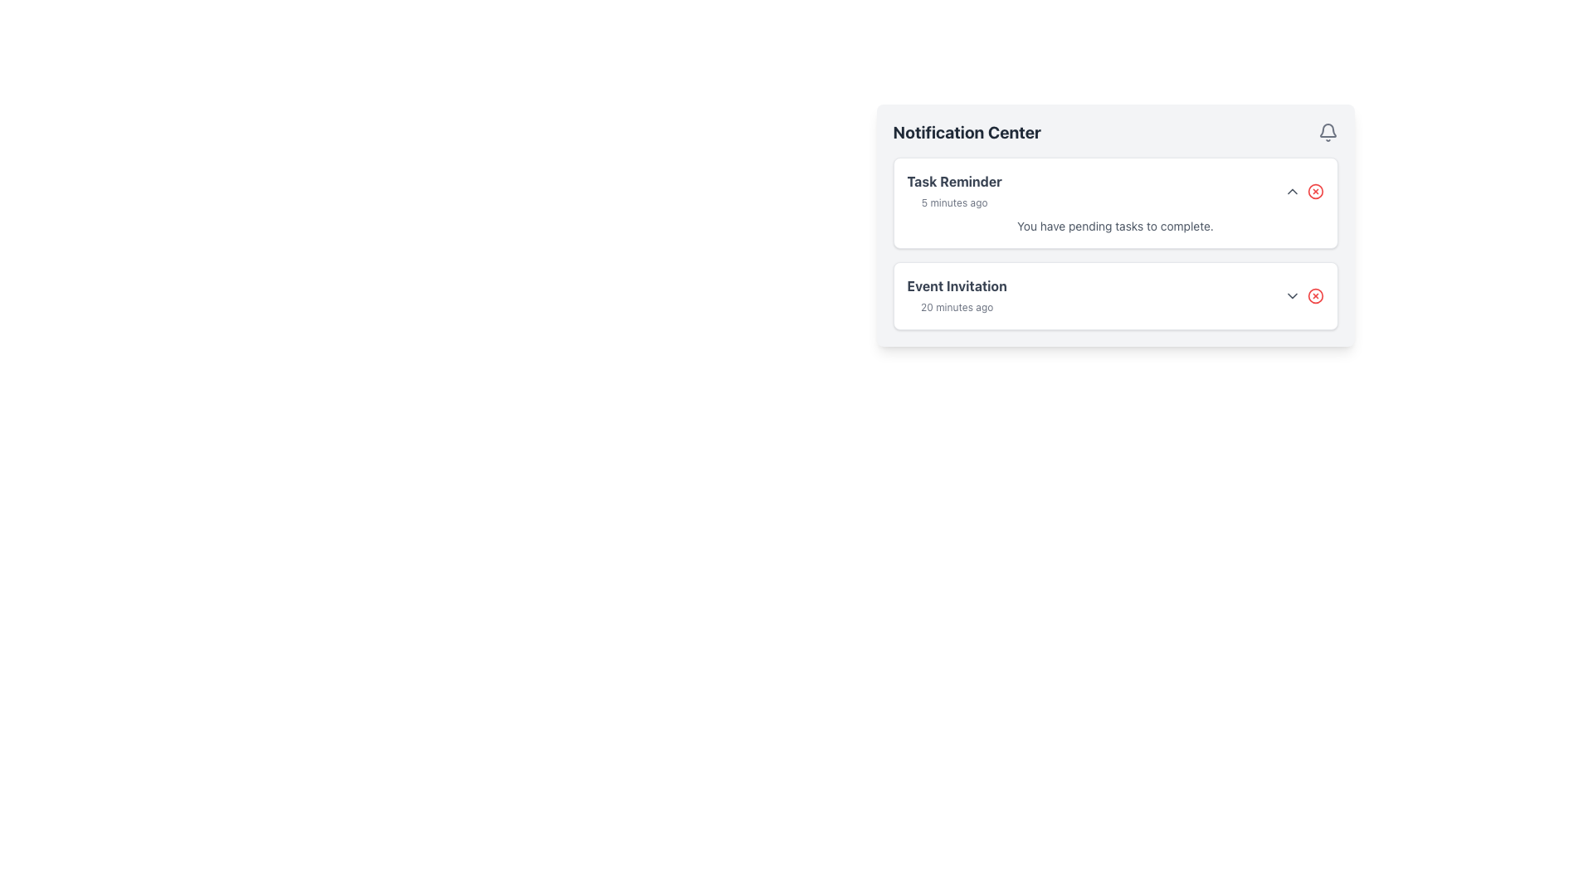  Describe the element at coordinates (957, 285) in the screenshot. I see `text from the title label of the second notification block in the Notification Center, located below the 'Task Reminder' notification` at that location.